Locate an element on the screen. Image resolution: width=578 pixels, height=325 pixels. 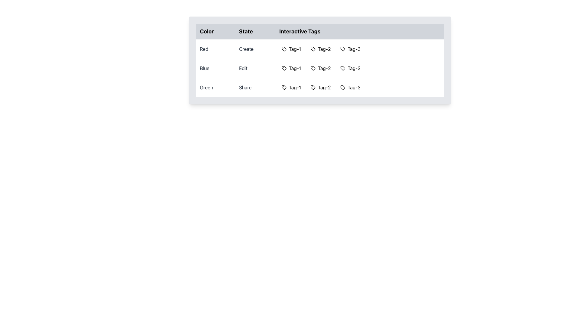
the interactive tag labeled 'Tag-2' in the 'Interactive Tags' column under the 'Color' row corresponding to 'Blue' is located at coordinates (313, 68).